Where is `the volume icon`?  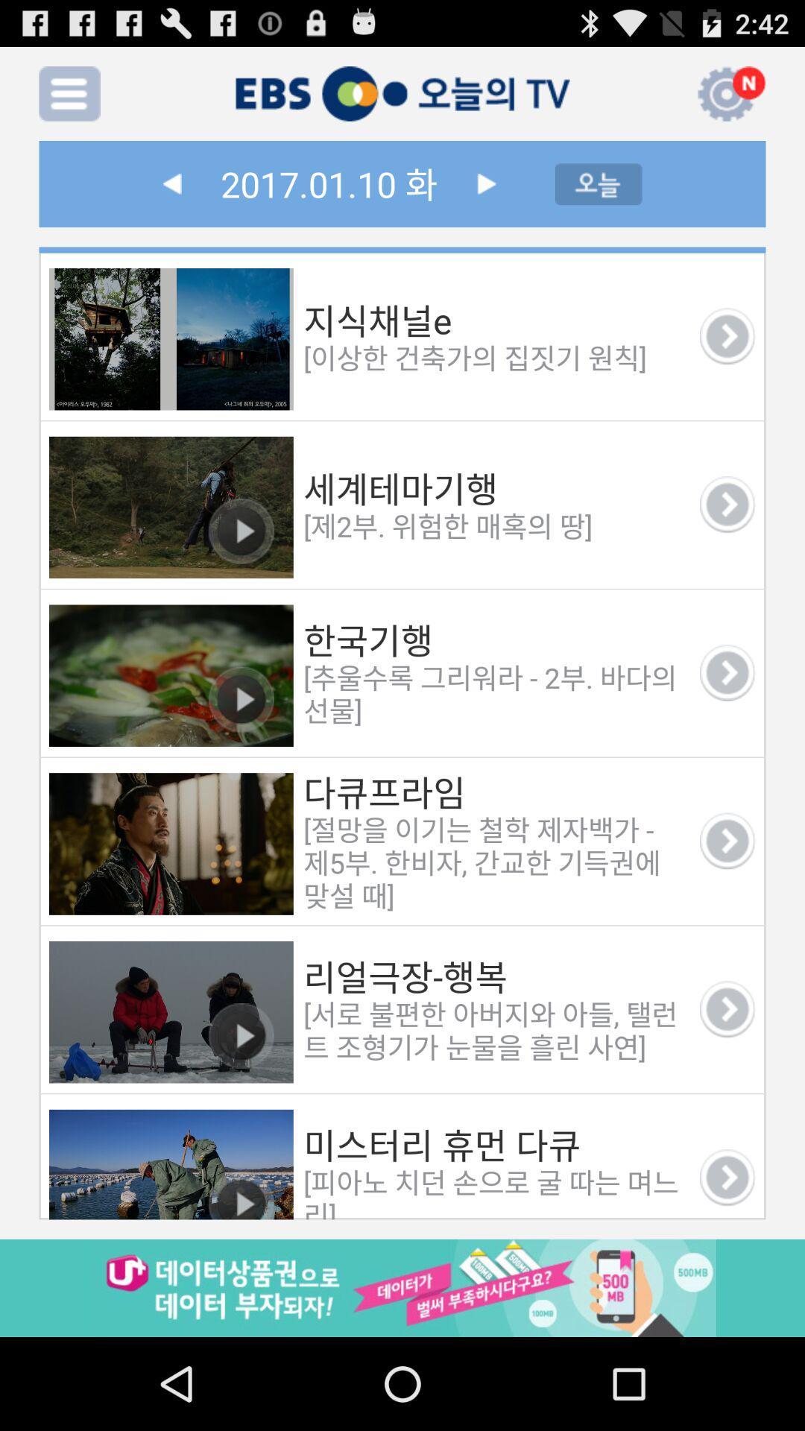
the volume icon is located at coordinates (667, 99).